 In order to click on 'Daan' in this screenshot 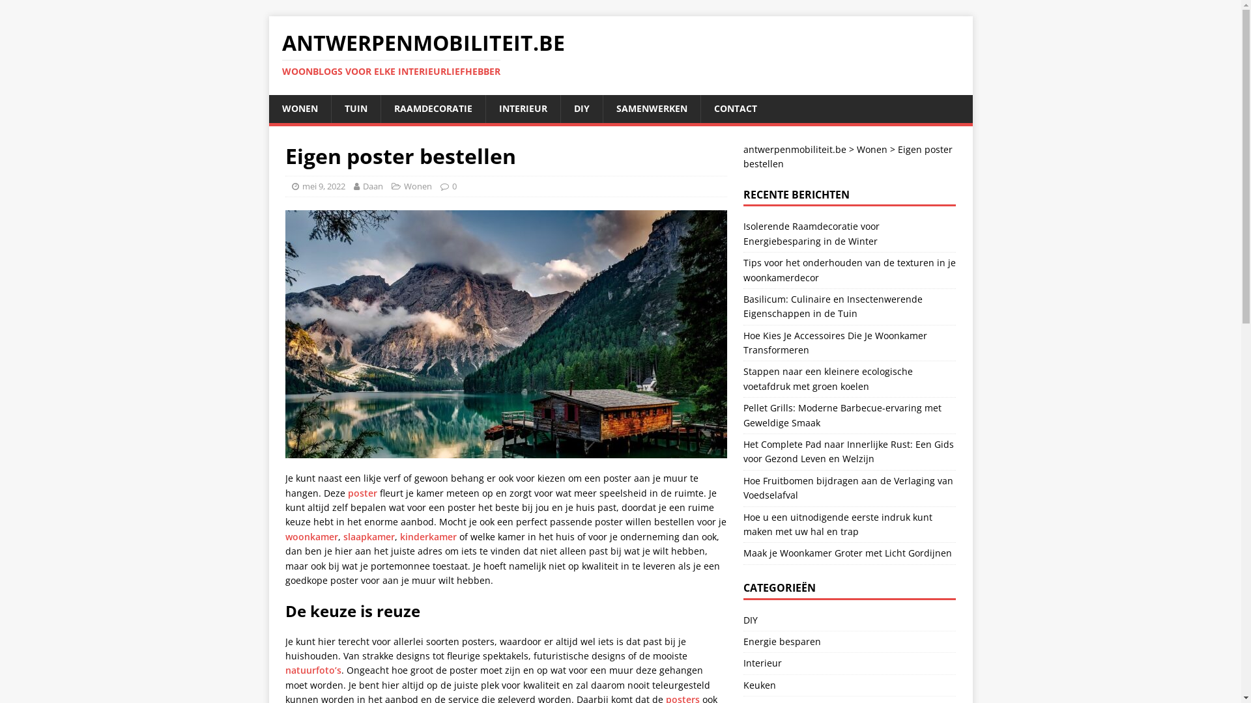, I will do `click(371, 186)`.